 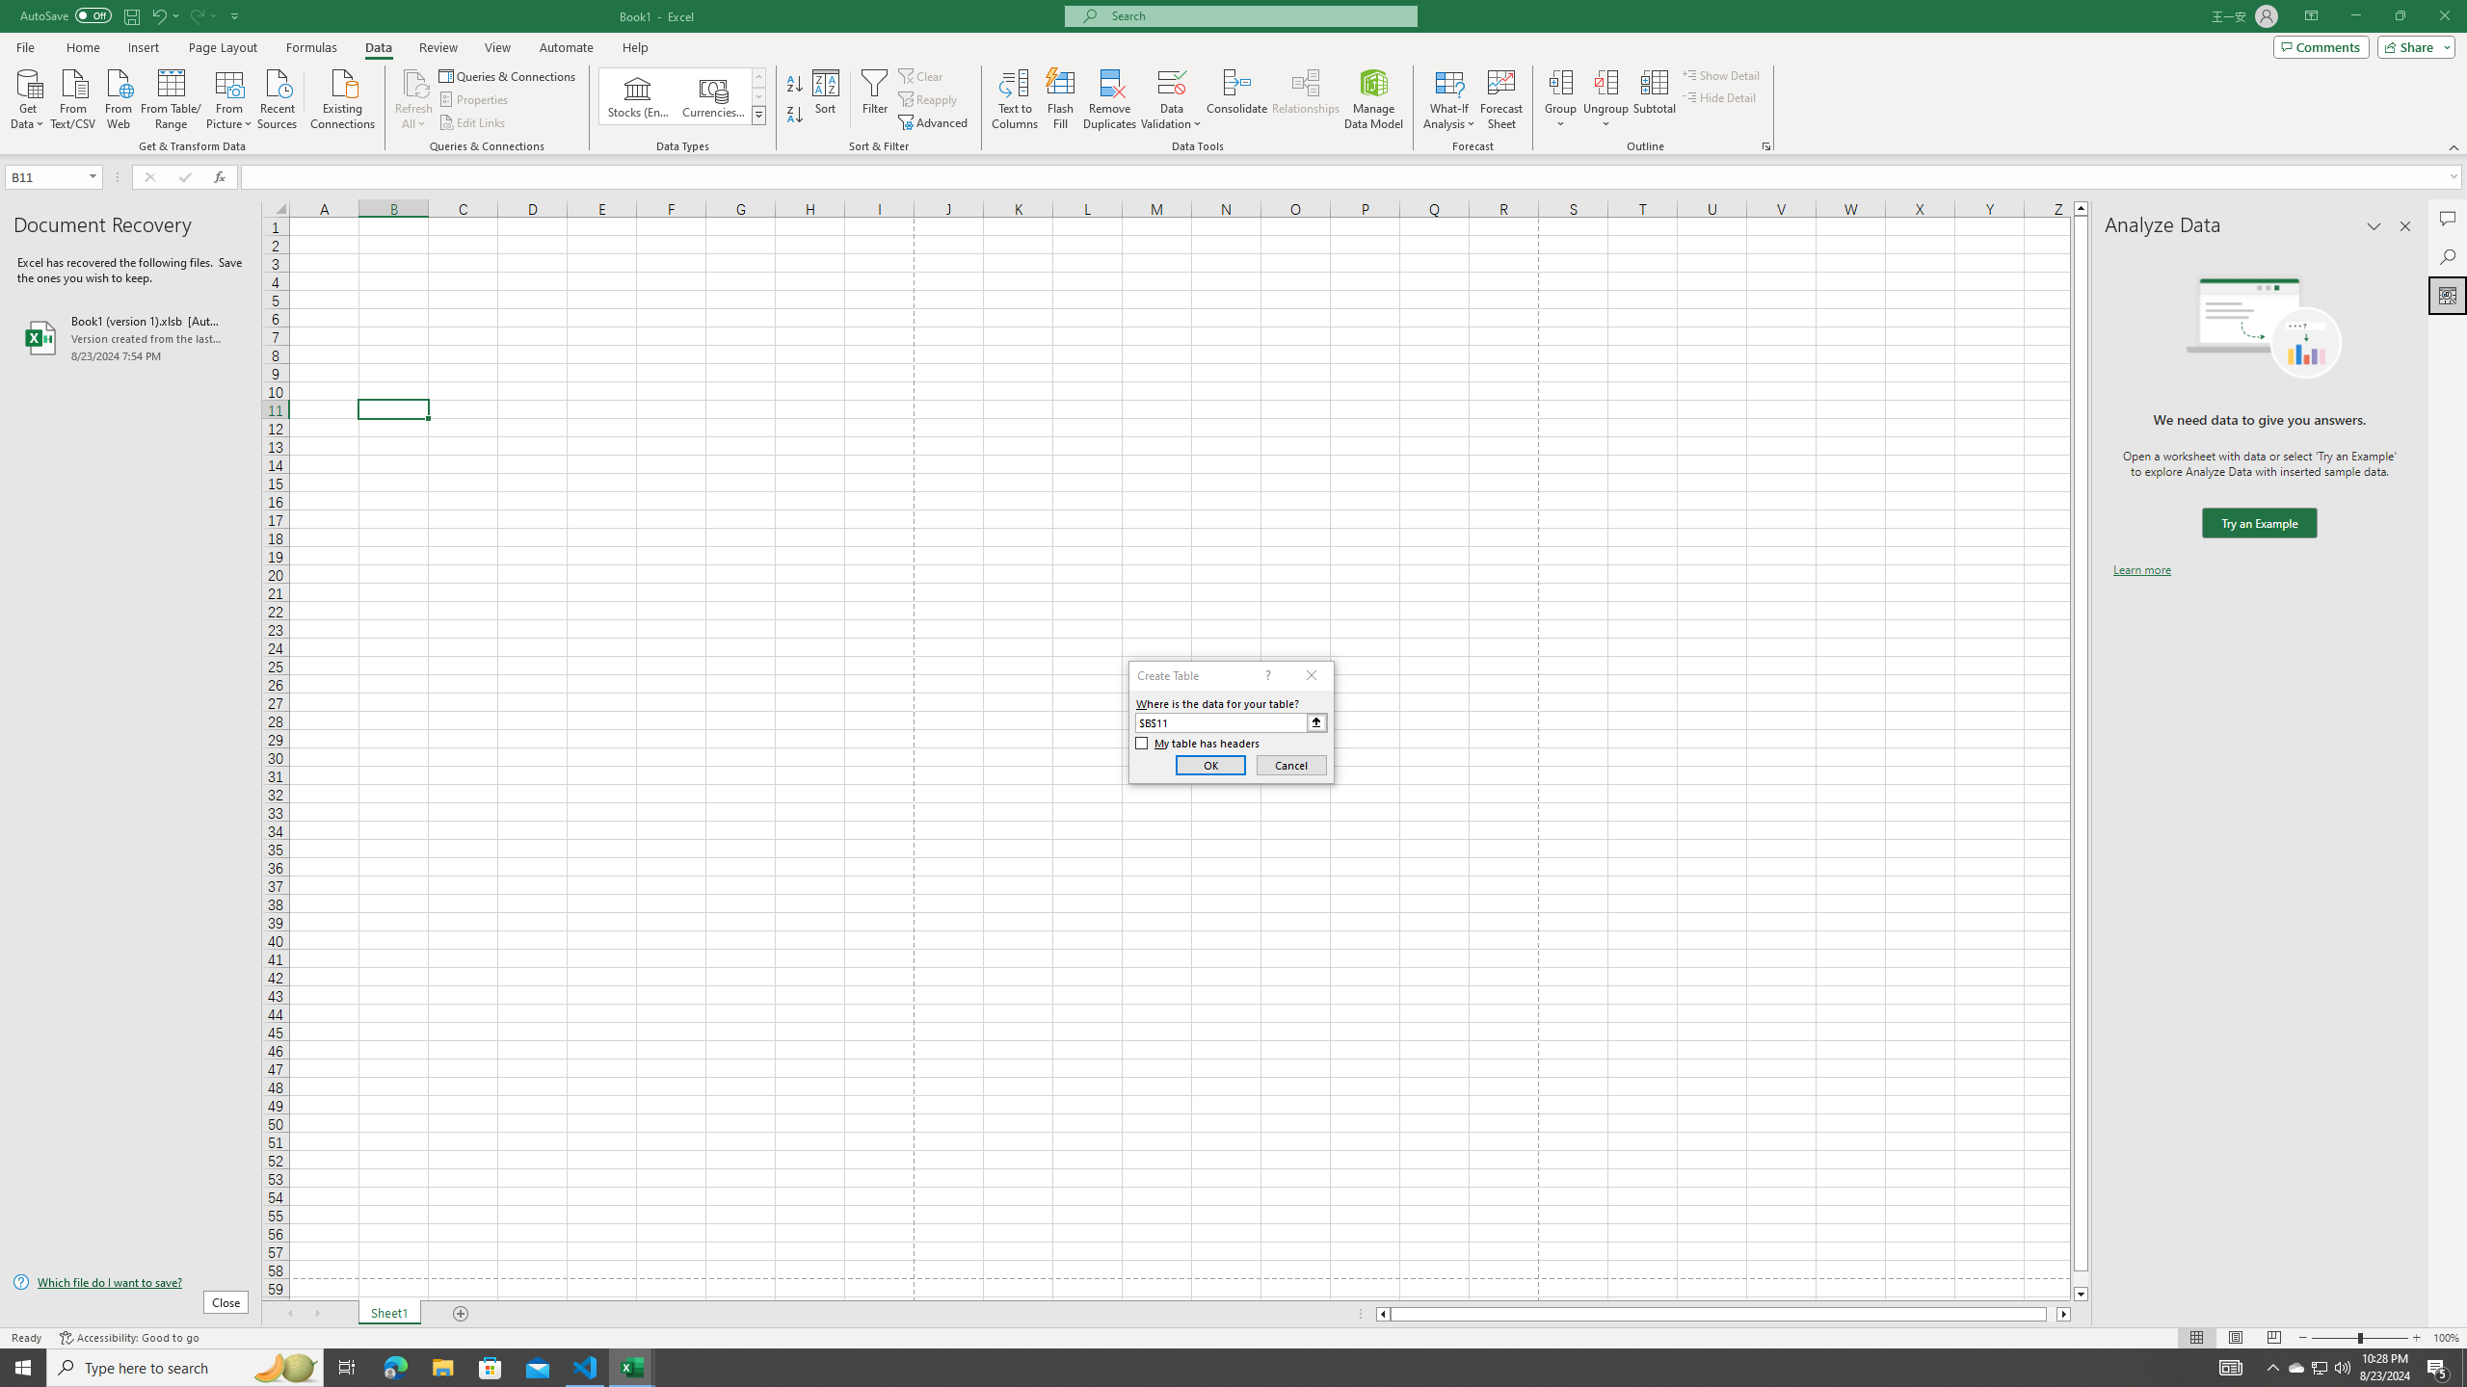 What do you see at coordinates (27, 96) in the screenshot?
I see `'Get Data'` at bounding box center [27, 96].